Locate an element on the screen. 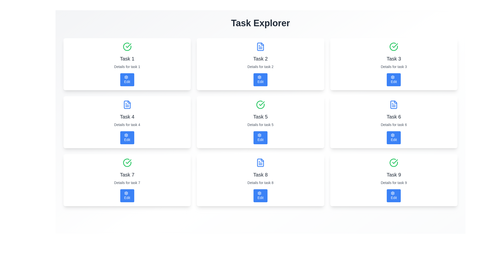  the settings icon, which is a cogwheel design located below the text 'Task 6' in the third row, middle column of the grid is located at coordinates (392, 135).